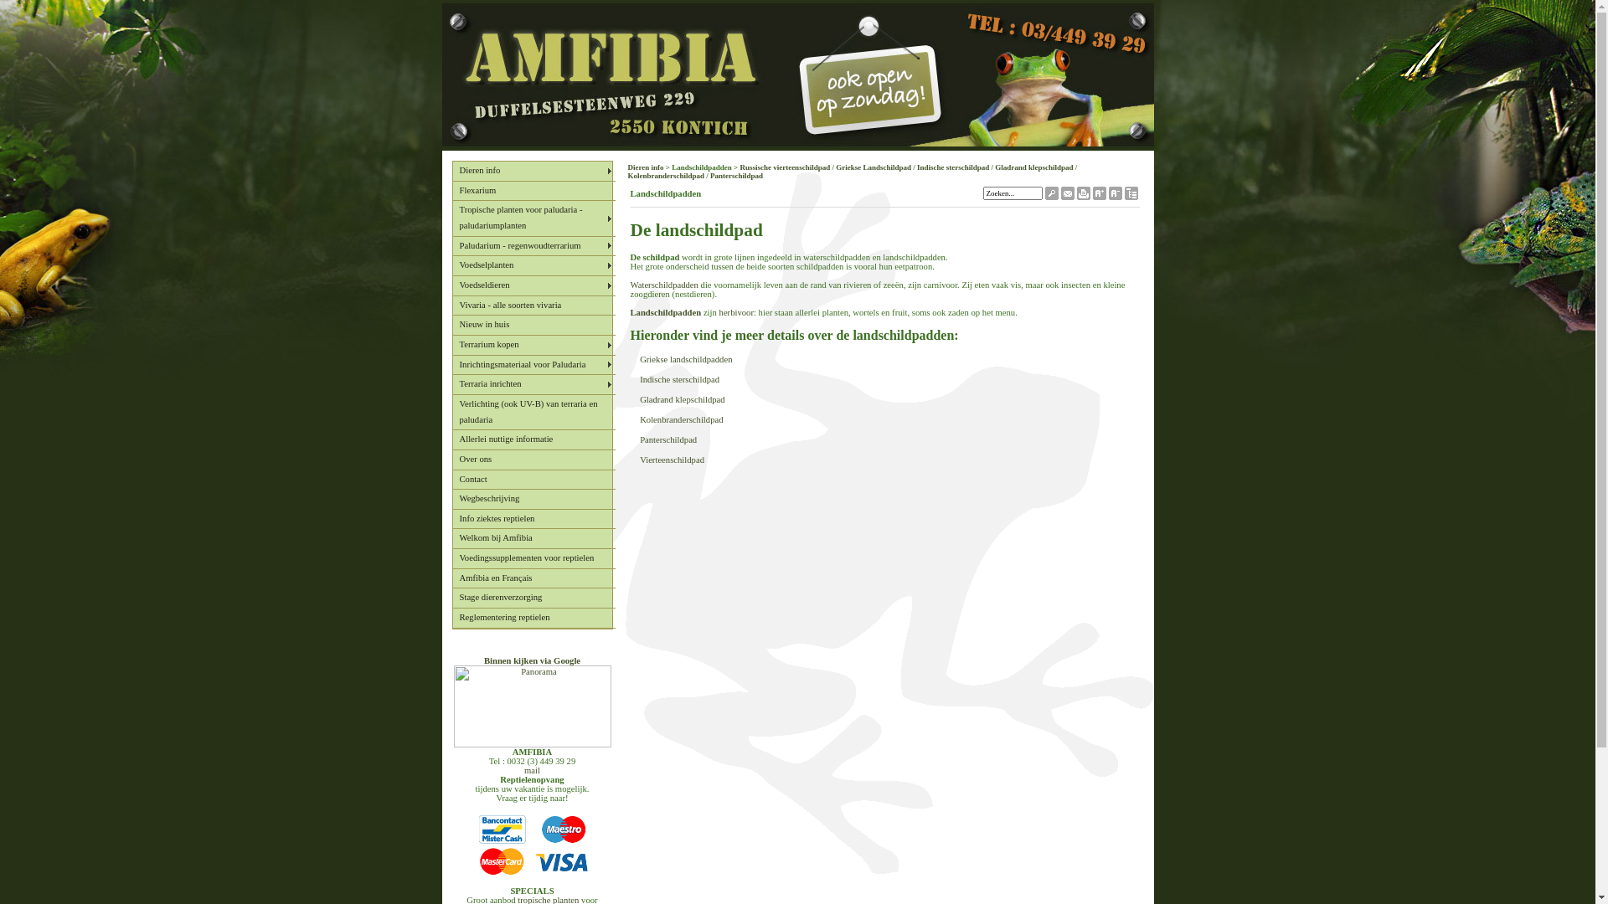 The width and height of the screenshot is (1608, 904). I want to click on 'Contact', so click(533, 480).